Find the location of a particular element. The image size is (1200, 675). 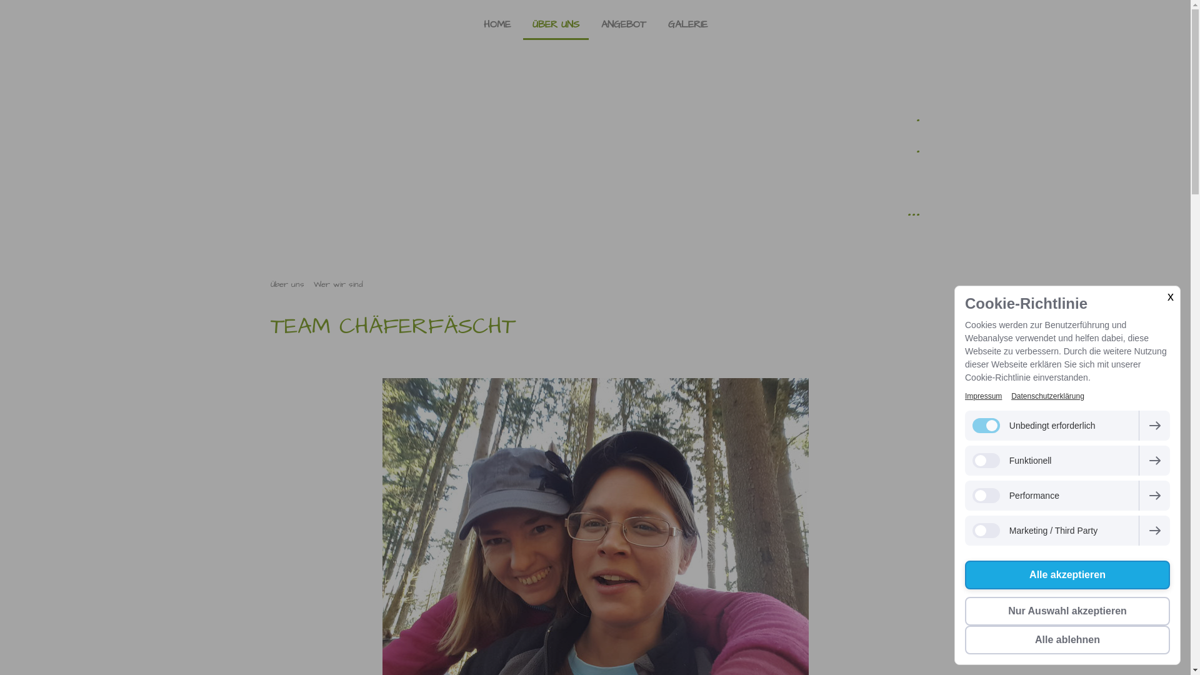

'Alle akzeptieren' is located at coordinates (1067, 575).